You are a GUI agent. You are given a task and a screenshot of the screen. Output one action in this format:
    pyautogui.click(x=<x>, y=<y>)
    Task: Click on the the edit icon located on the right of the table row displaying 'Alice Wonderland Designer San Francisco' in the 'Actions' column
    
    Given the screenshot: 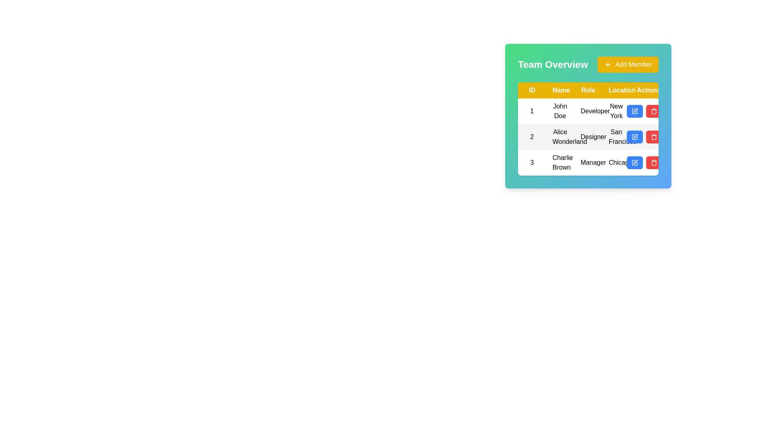 What is the action you would take?
    pyautogui.click(x=634, y=136)
    